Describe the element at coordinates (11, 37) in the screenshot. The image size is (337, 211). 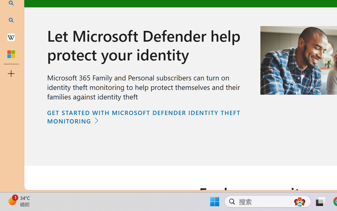
I see `'Earth - Wikipedia'` at that location.